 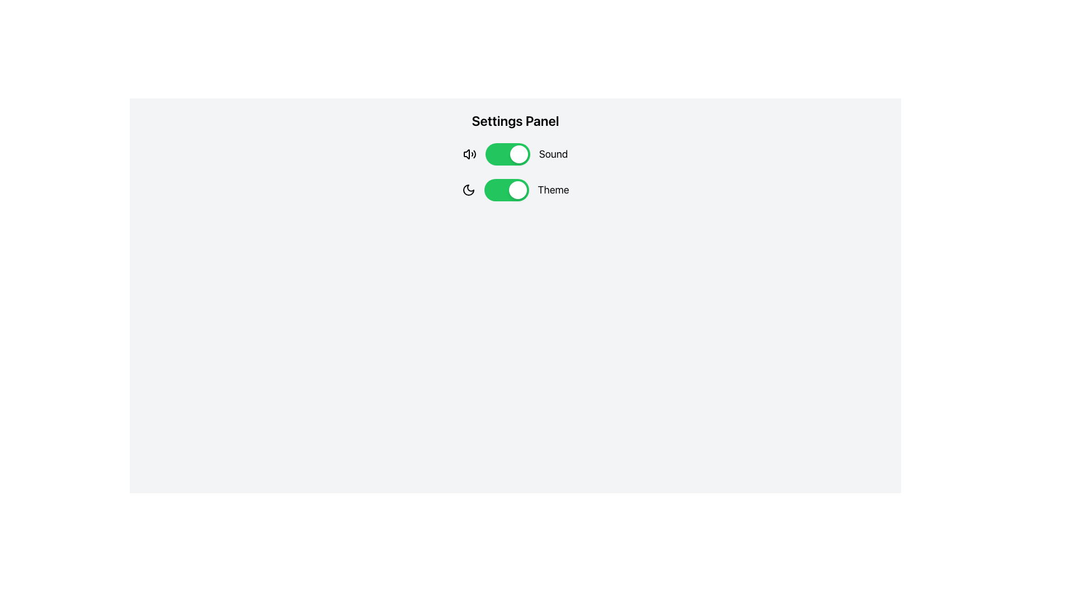 I want to click on the draggable toggle circle on the left side of the green toggle switch, so click(x=518, y=154).